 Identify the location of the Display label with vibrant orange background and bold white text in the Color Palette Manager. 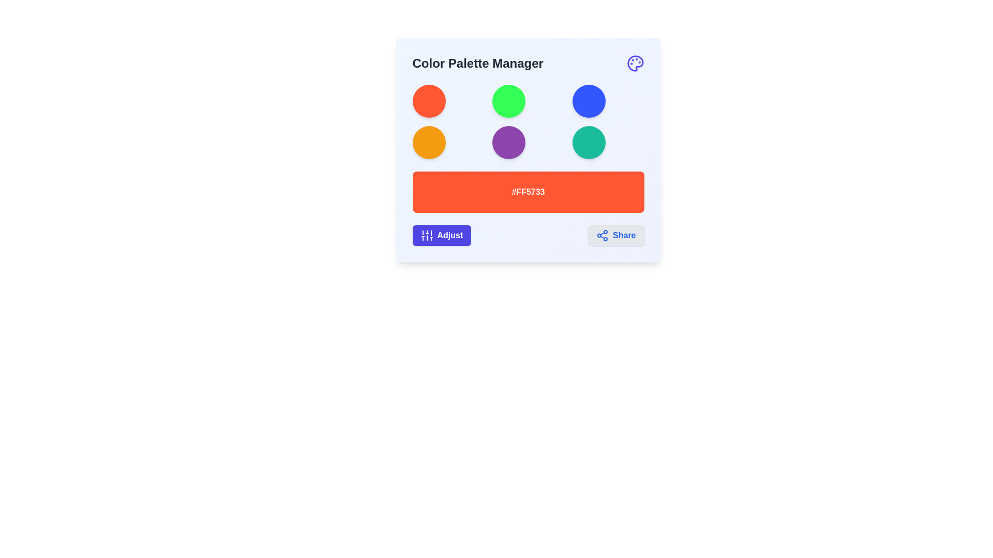
(528, 192).